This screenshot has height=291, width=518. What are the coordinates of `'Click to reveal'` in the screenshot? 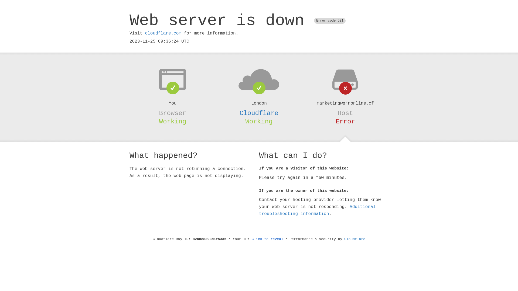 It's located at (267, 239).